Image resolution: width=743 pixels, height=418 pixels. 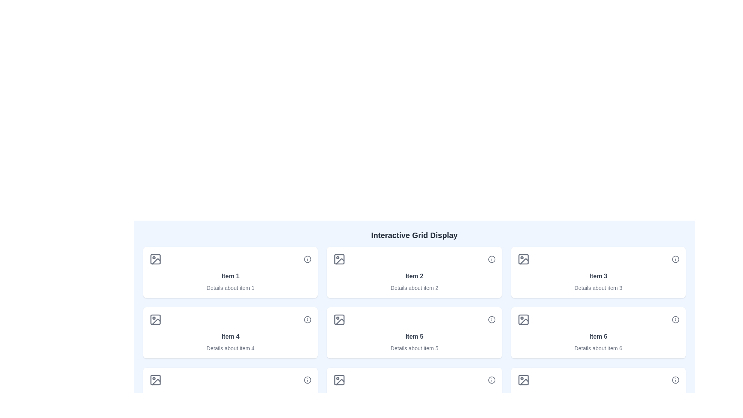 What do you see at coordinates (307, 259) in the screenshot?
I see `the circular informational icon with an 'i' symbol located at the top-right corner of the 'Item 1' card` at bounding box center [307, 259].